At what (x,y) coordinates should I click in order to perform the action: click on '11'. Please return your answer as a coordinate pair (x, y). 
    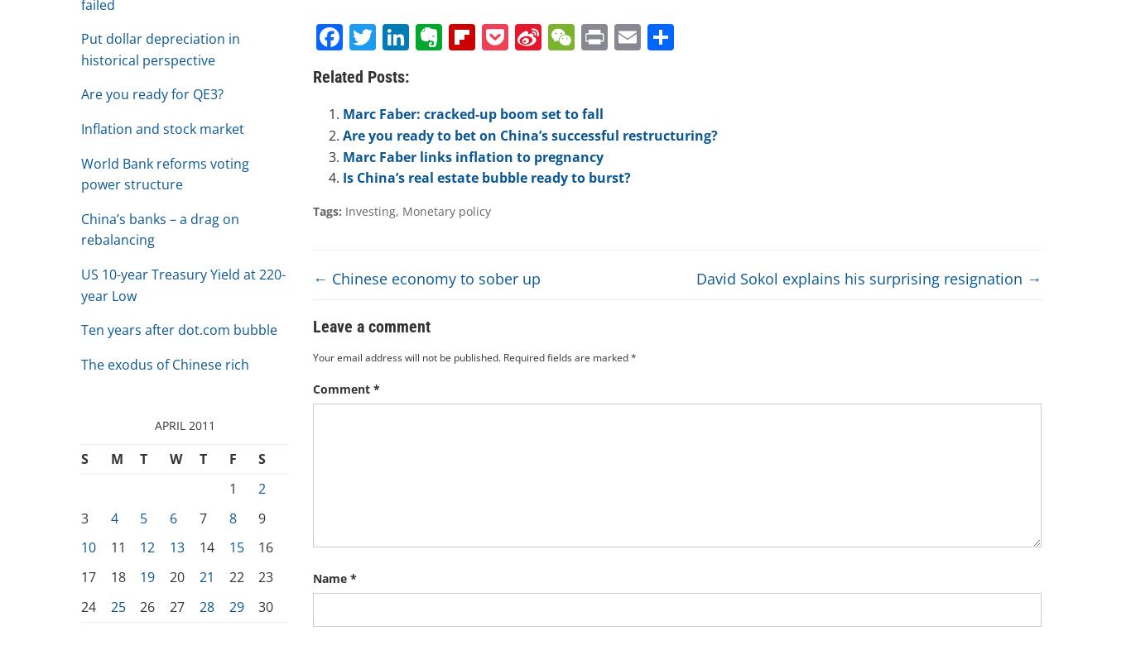
    Looking at the image, I should click on (117, 547).